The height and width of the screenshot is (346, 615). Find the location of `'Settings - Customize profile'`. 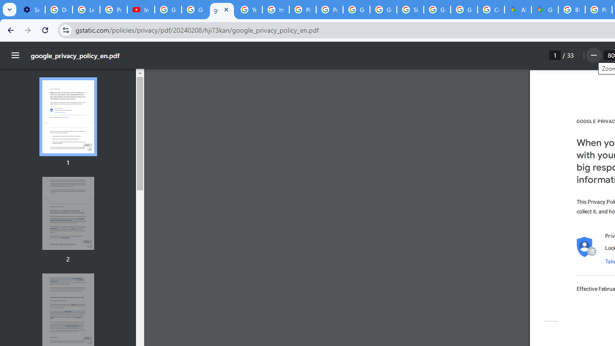

'Settings - Customize profile' is located at coordinates (31, 10).